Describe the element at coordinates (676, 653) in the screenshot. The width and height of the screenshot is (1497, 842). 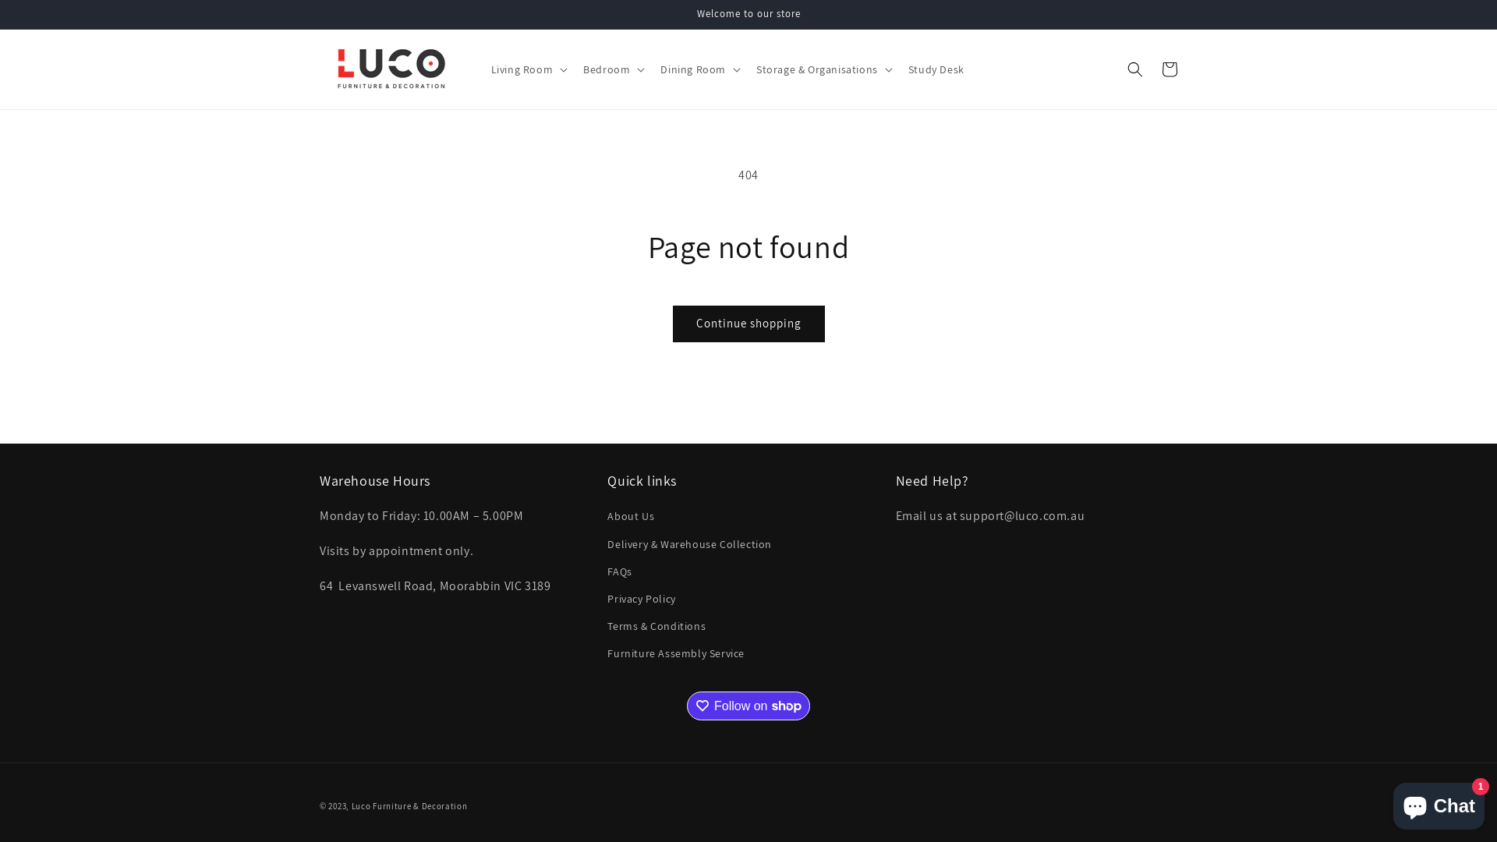
I see `'Furniture Assembly Service'` at that location.